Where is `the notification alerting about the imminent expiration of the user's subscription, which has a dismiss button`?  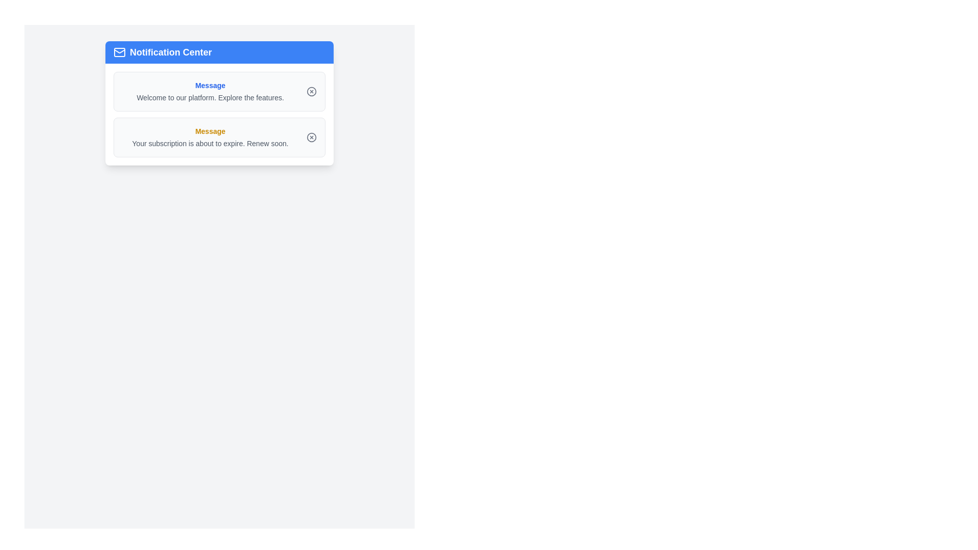 the notification alerting about the imminent expiration of the user's subscription, which has a dismiss button is located at coordinates (219, 137).